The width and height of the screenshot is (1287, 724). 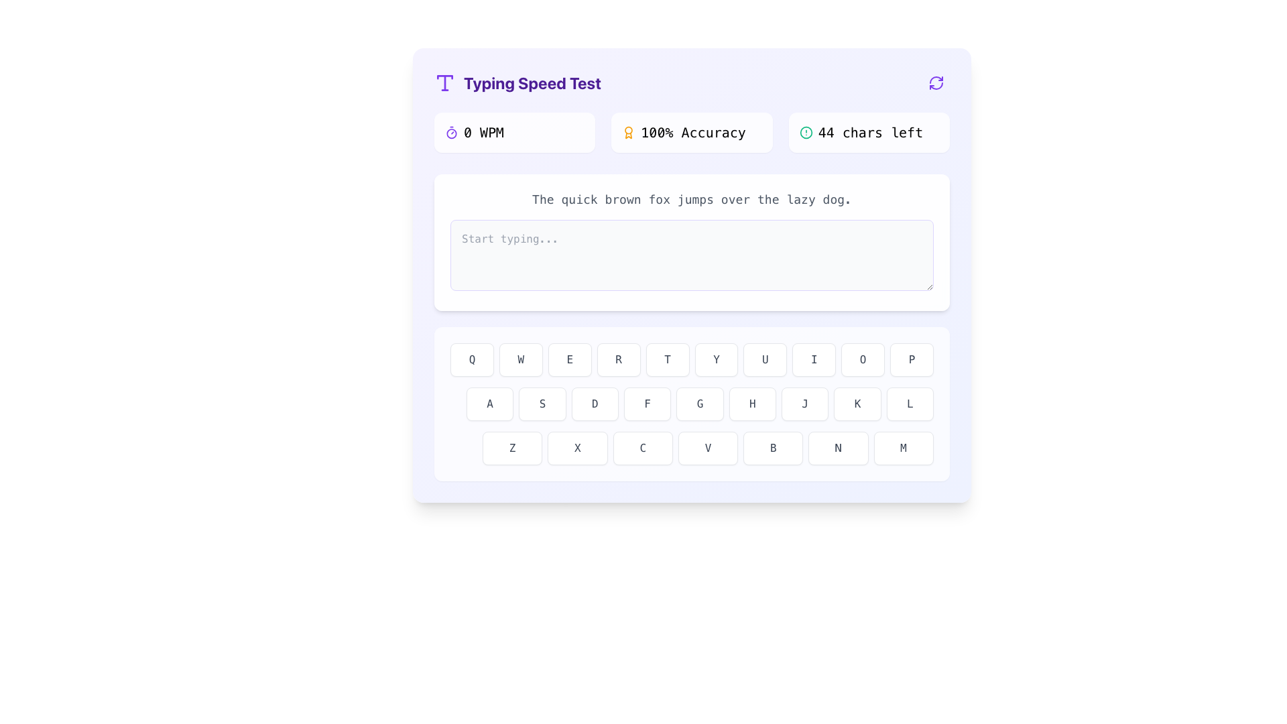 What do you see at coordinates (813, 359) in the screenshot?
I see `the virtual keyboard button for the letter 'I' to input the letter 'I'` at bounding box center [813, 359].